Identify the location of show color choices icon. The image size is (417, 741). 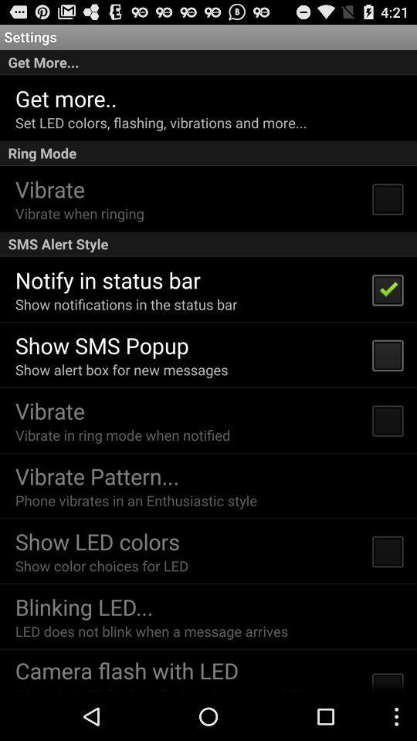
(101, 565).